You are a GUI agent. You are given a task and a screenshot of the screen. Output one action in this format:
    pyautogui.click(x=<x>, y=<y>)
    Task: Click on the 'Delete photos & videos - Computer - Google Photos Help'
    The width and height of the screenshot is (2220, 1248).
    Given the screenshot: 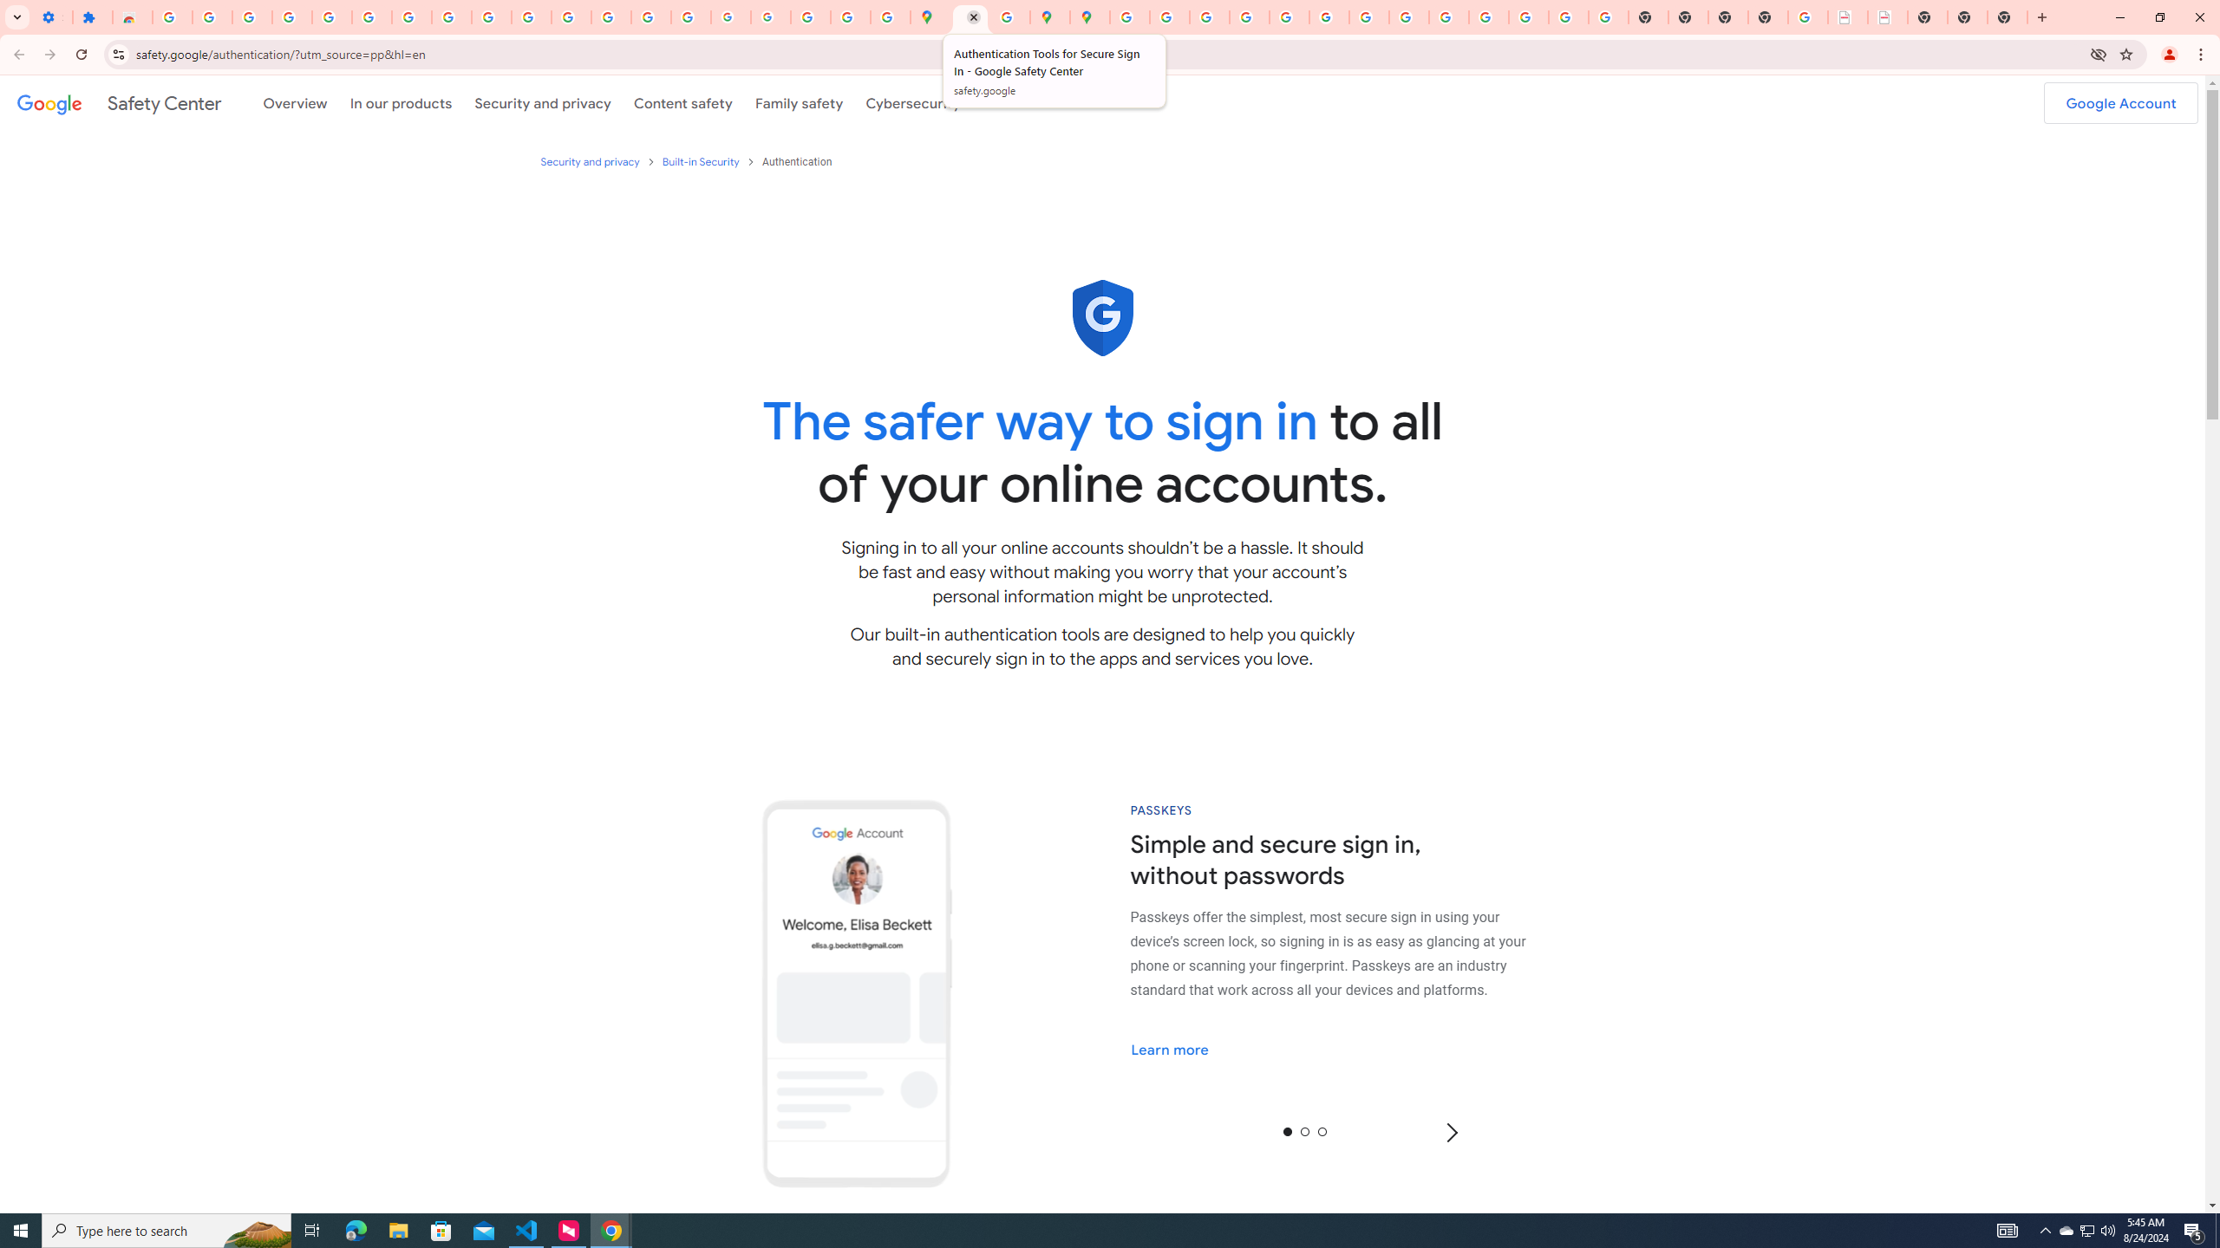 What is the action you would take?
    pyautogui.click(x=251, y=16)
    